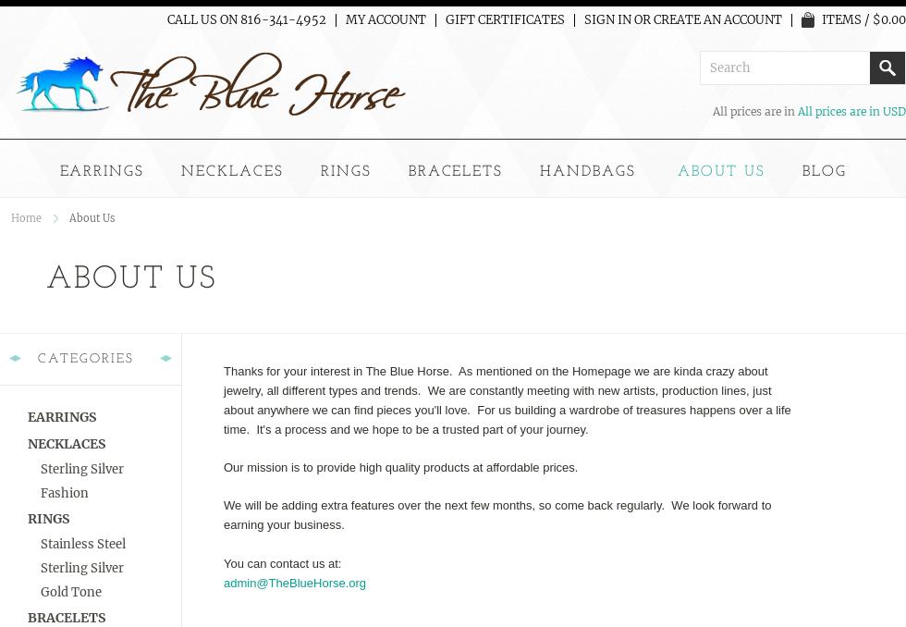 This screenshot has height=627, width=906. What do you see at coordinates (86, 357) in the screenshot?
I see `'Categories'` at bounding box center [86, 357].